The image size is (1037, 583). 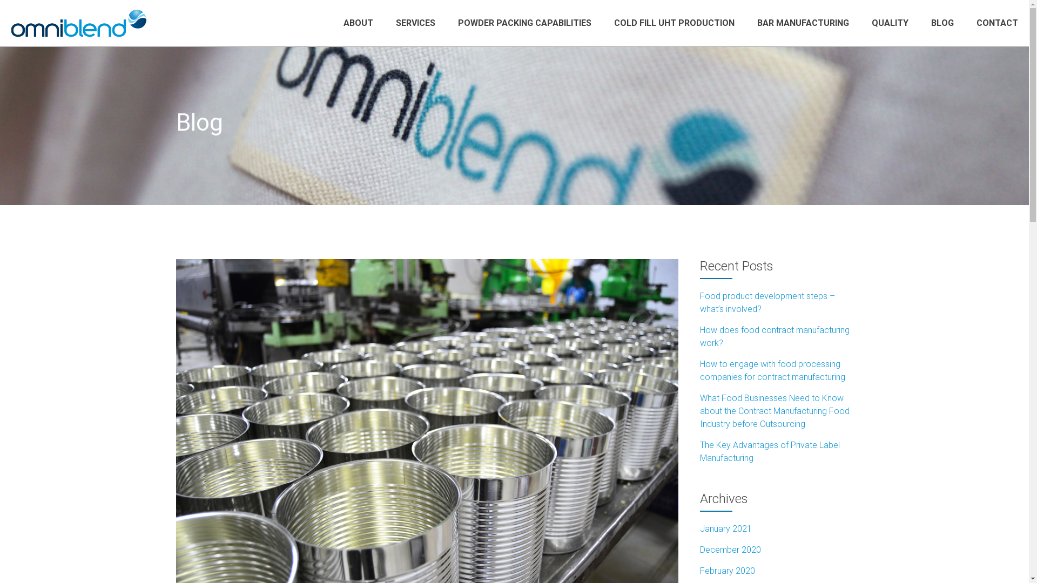 I want to click on 'ABOUT', so click(x=358, y=23).